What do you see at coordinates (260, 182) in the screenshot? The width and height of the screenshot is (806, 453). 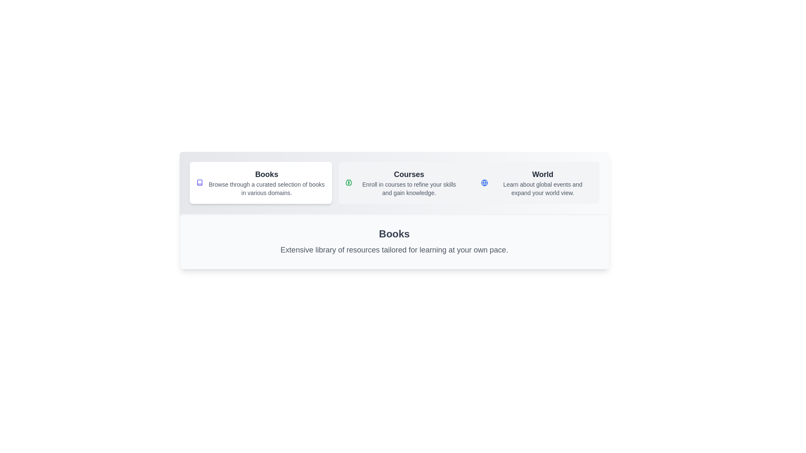 I see `the Books tab by clicking on its button` at bounding box center [260, 182].